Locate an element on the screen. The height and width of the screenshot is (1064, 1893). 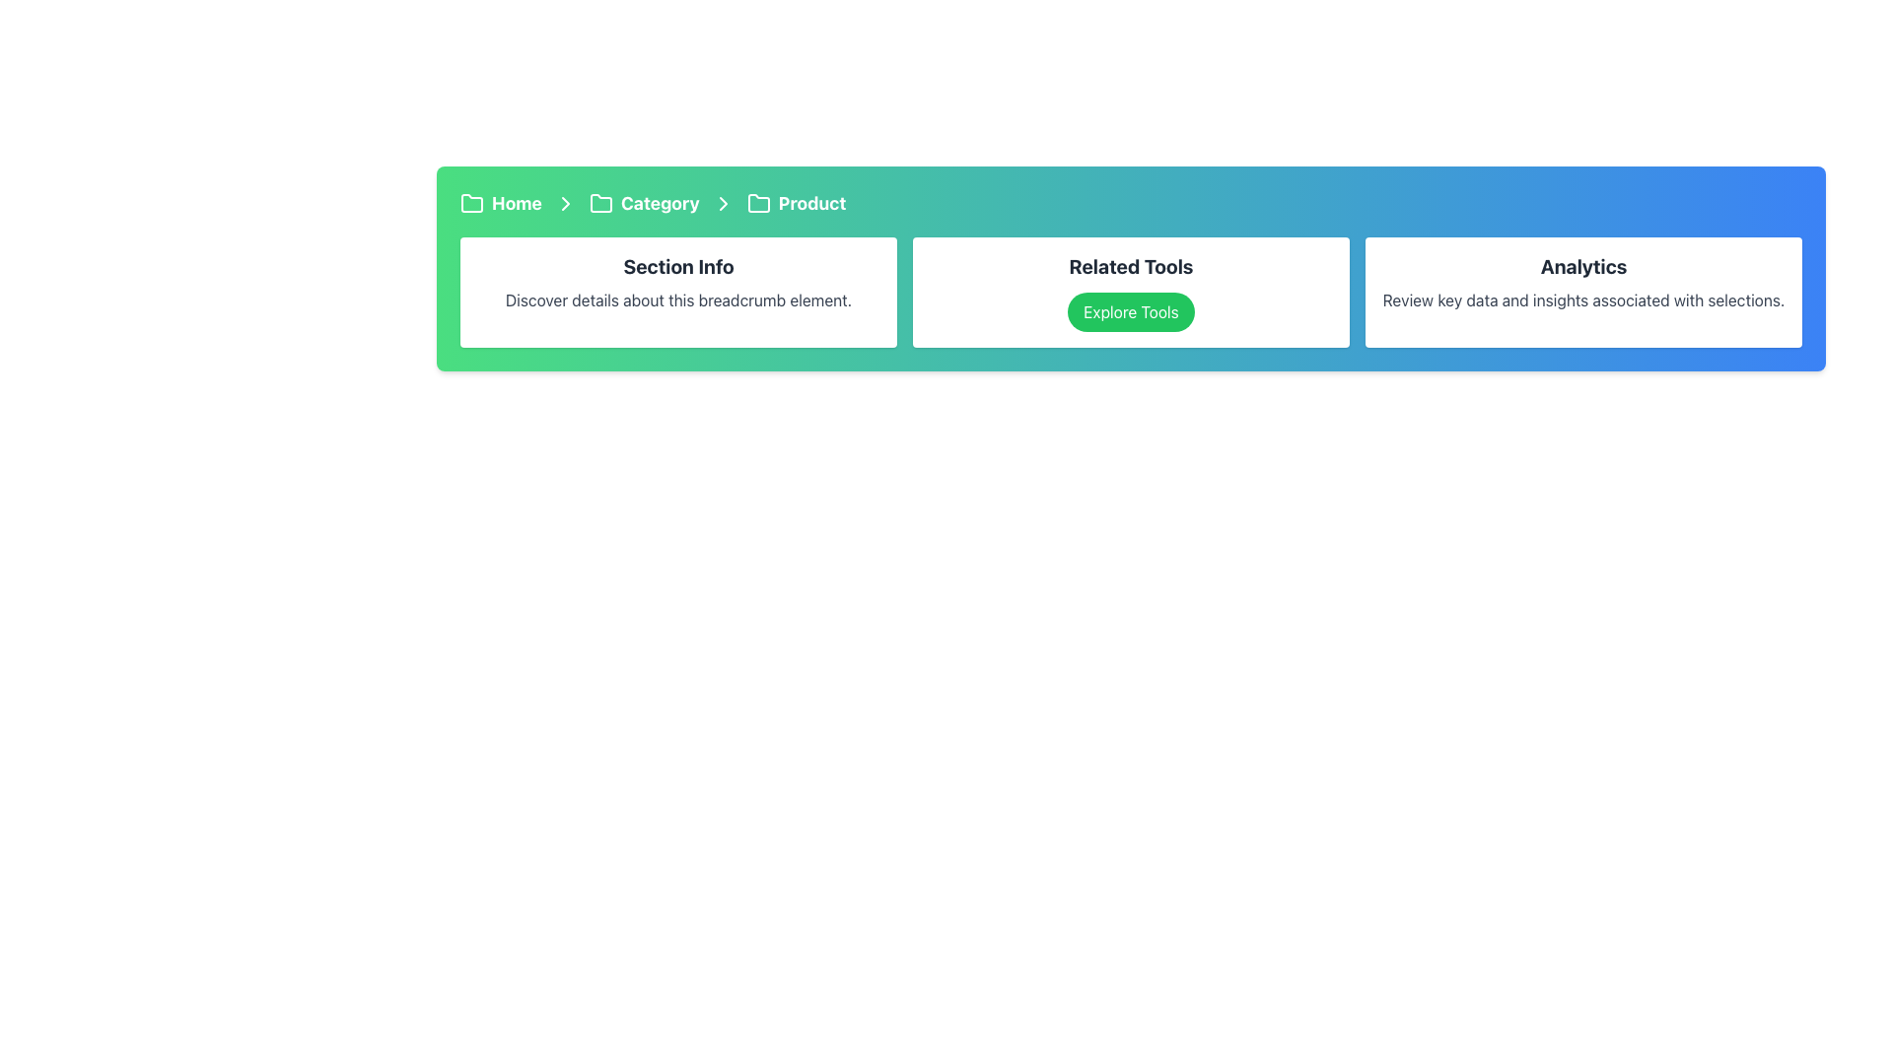
the rounded green button labeled 'Explore Tools' located is located at coordinates (1131, 310).